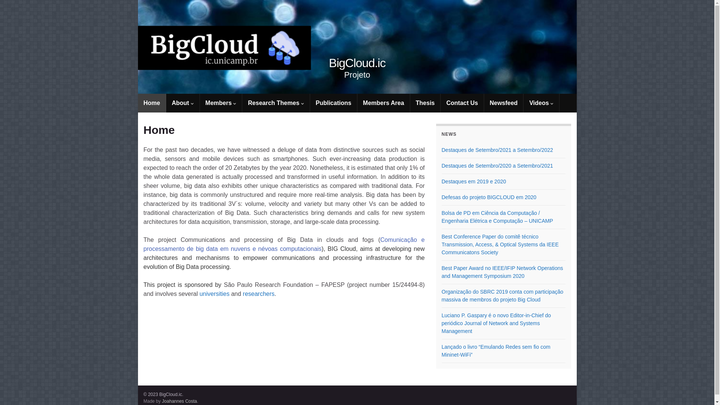 This screenshot has width=720, height=405. What do you see at coordinates (259, 293) in the screenshot?
I see `'researchers'` at bounding box center [259, 293].